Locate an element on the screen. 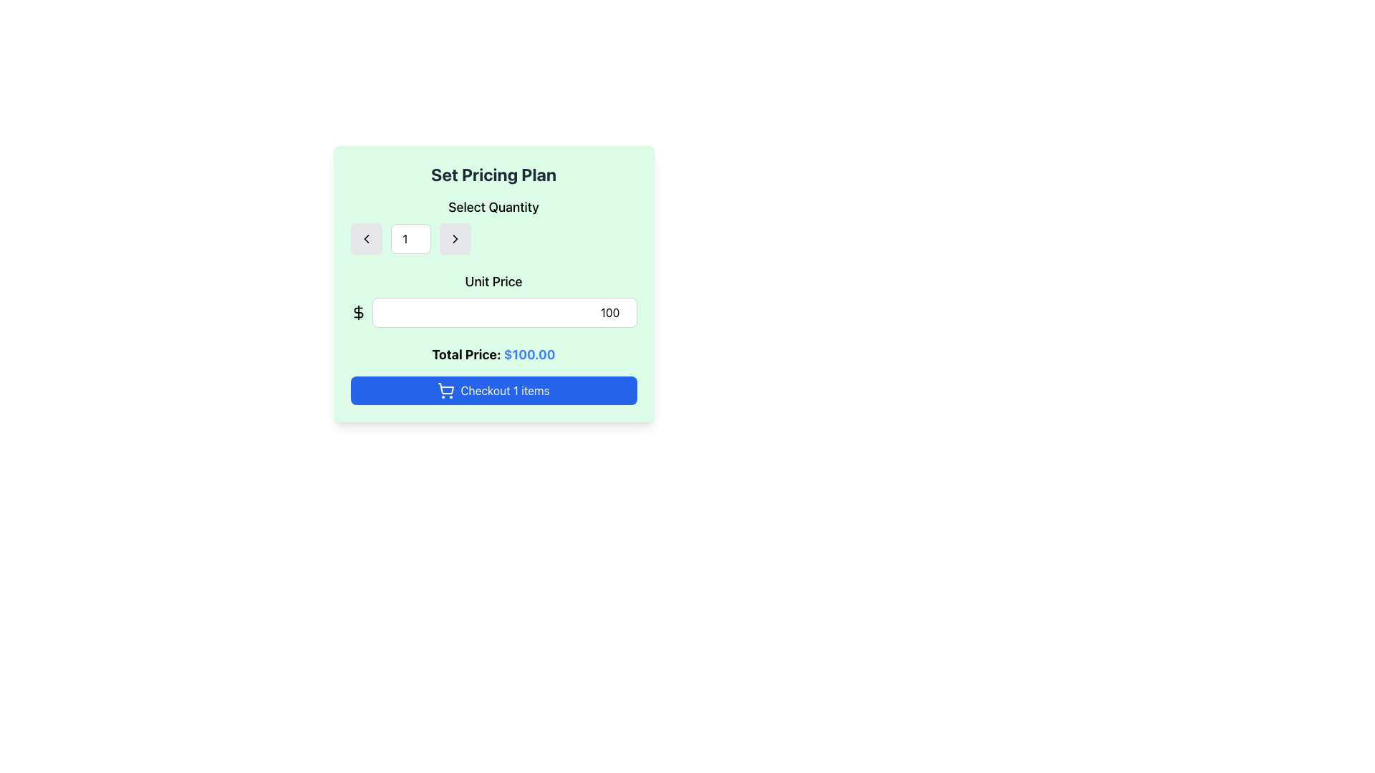 This screenshot has height=773, width=1375. the 'Unit Price' label, which is styled with a medium font size and positioned above the input field in the pricing panel on a light green background is located at coordinates (493, 299).